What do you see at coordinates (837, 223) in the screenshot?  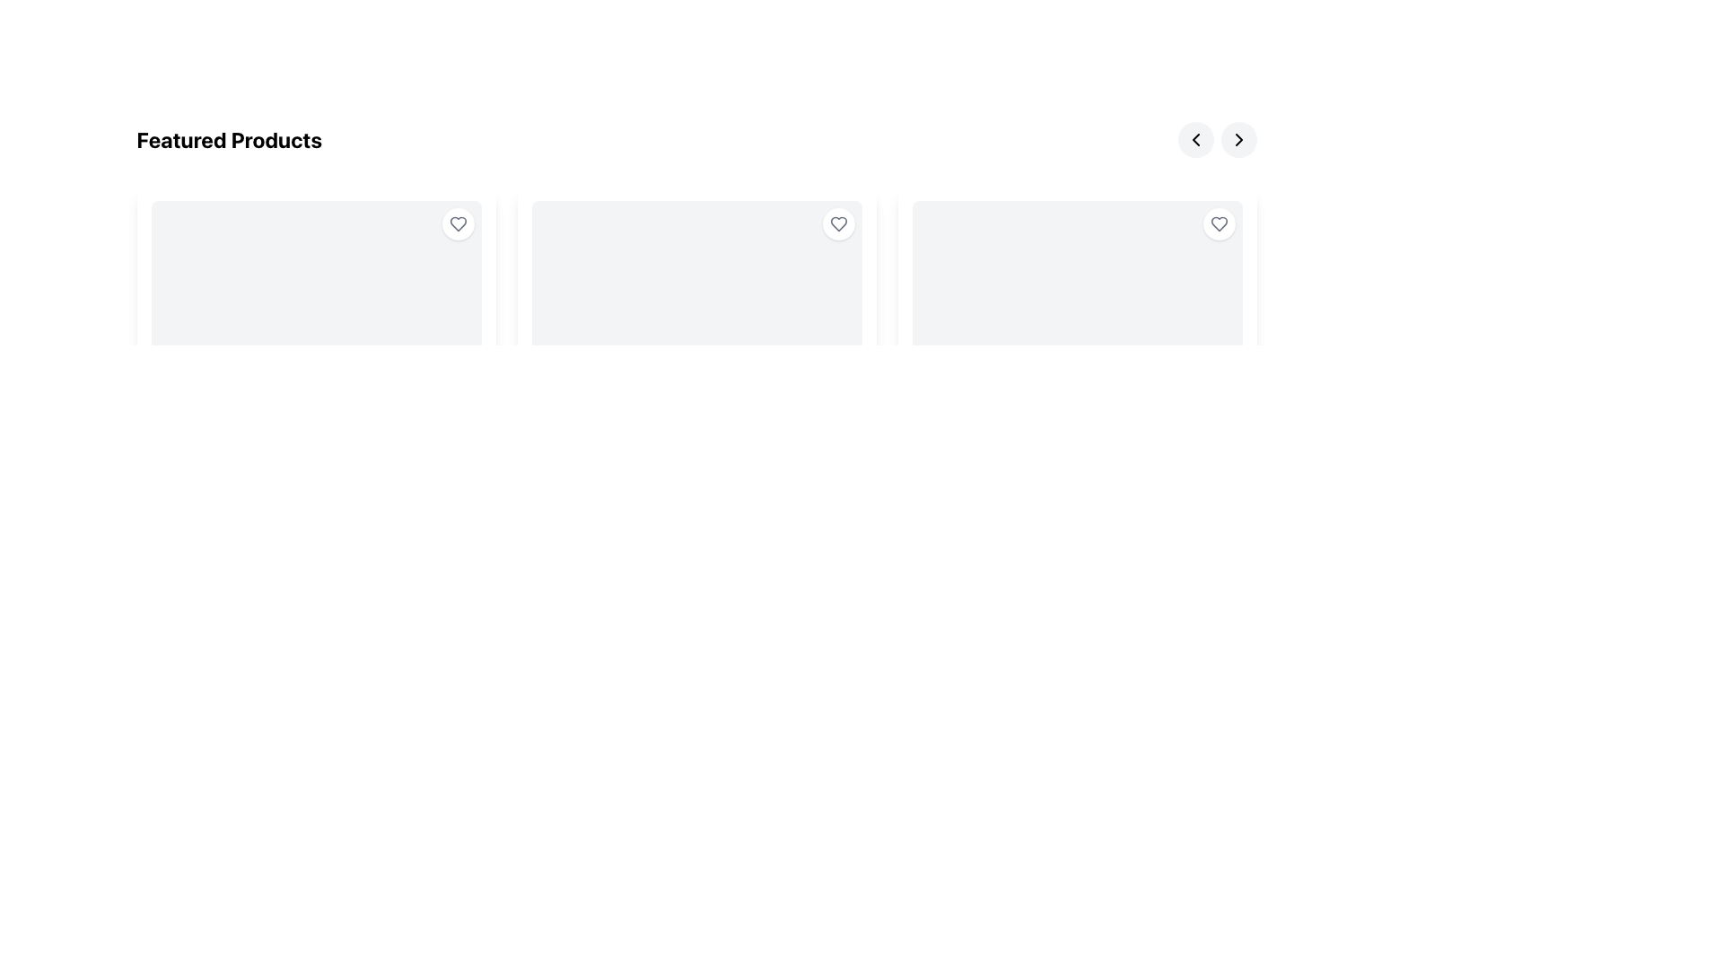 I see `the heart-shaped icon representing a 'like' or 'favorite' action located at the top-right corner of the second card under the 'Featured Products' section` at bounding box center [837, 223].